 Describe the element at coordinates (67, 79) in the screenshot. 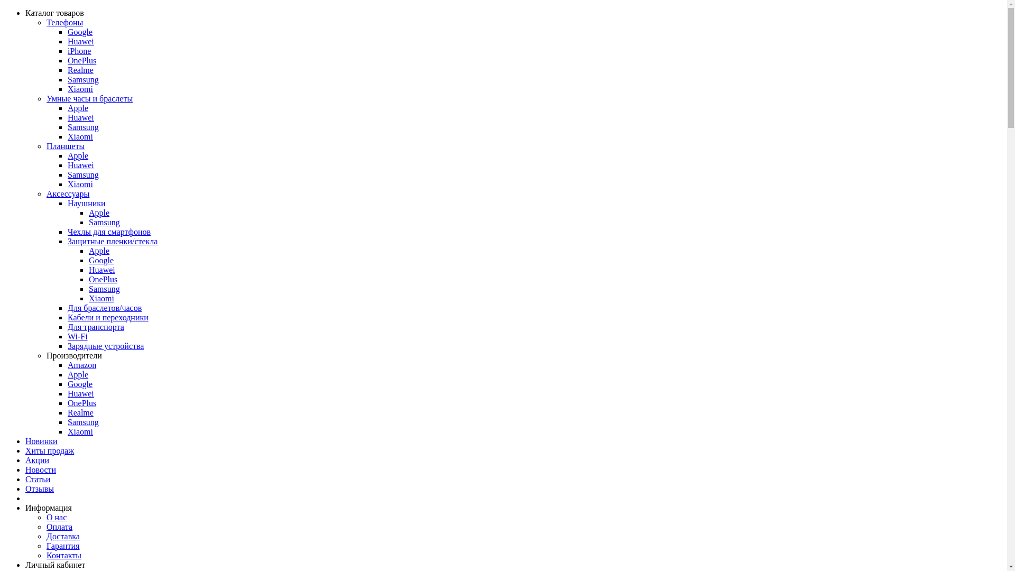

I see `'Samsung'` at that location.